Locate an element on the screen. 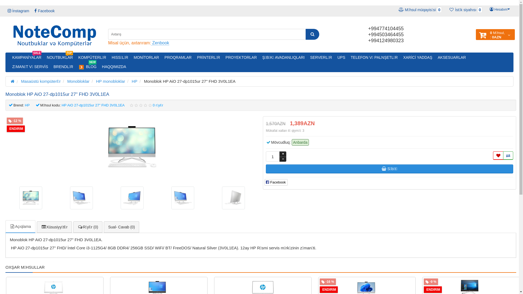 Image resolution: width=523 pixels, height=294 pixels. 'NEW is located at coordinates (87, 66).